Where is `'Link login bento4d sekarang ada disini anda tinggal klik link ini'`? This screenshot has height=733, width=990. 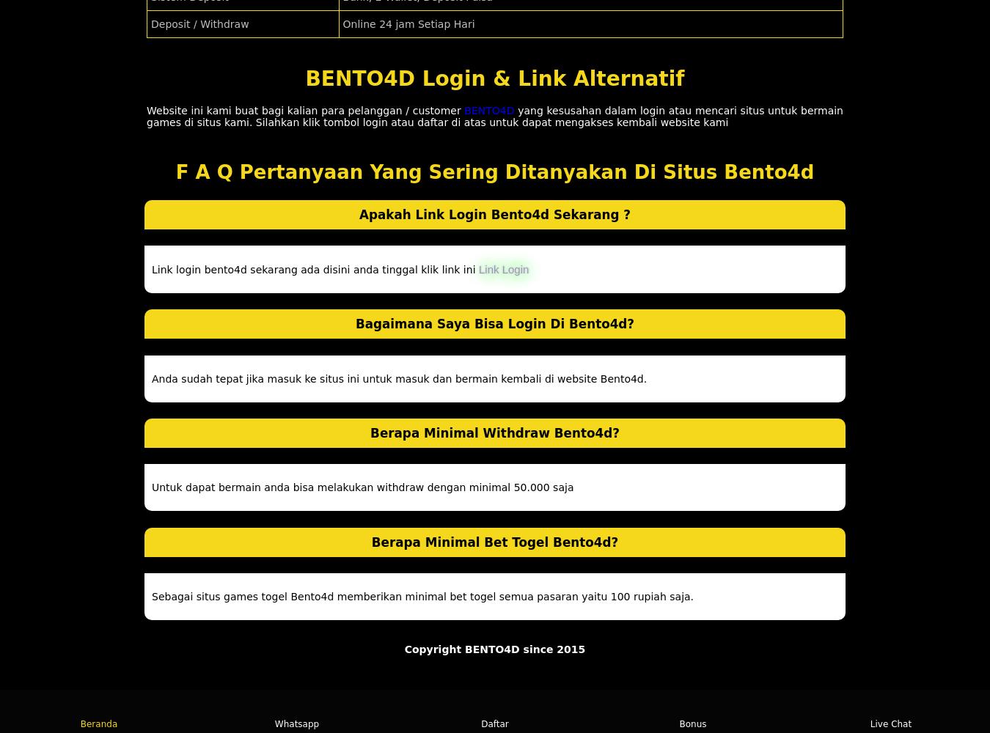
'Link login bento4d sekarang ada disini anda tinggal klik link ini' is located at coordinates (151, 269).